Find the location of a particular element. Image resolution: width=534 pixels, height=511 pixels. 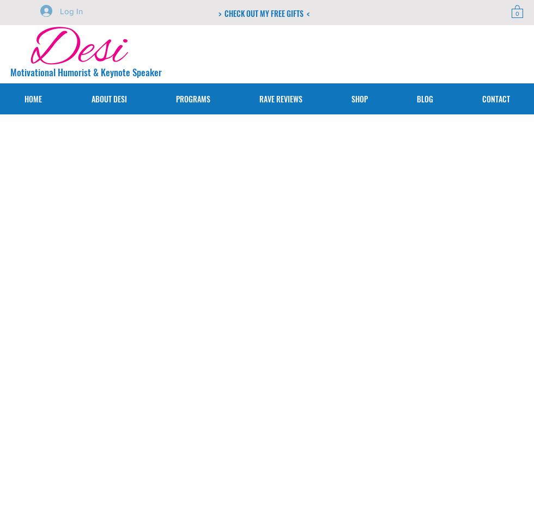

'o above and beyond to deliver meaningful content, to energize, engage, and educate audiences. As a seasoned professional, I knows your job is stressful. I'm on call to work with you every step of the way to ensure that you have EVERYTHING you need to produce the kind of event that will leave audiences singing your praises, and making' is located at coordinates (172, 323).